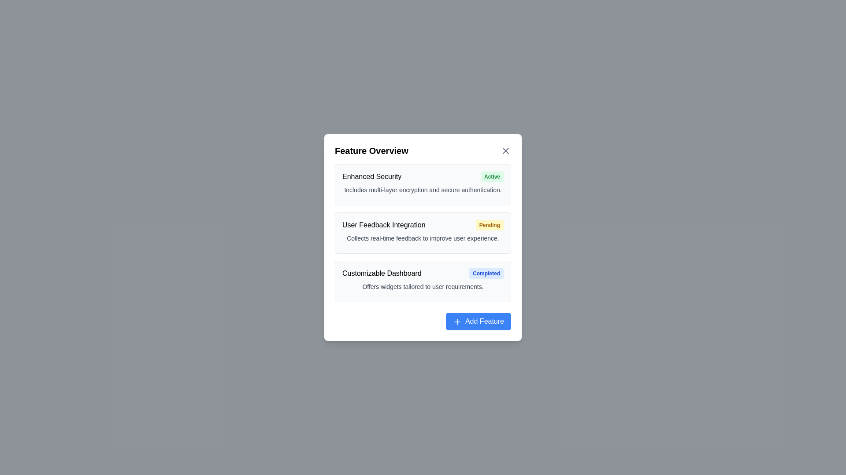 This screenshot has width=846, height=475. Describe the element at coordinates (382, 273) in the screenshot. I see `the static text label 'Customizable Dashboard' located in the dialog box above the phrase 'Offers widgets tailored to user requirements'` at that location.